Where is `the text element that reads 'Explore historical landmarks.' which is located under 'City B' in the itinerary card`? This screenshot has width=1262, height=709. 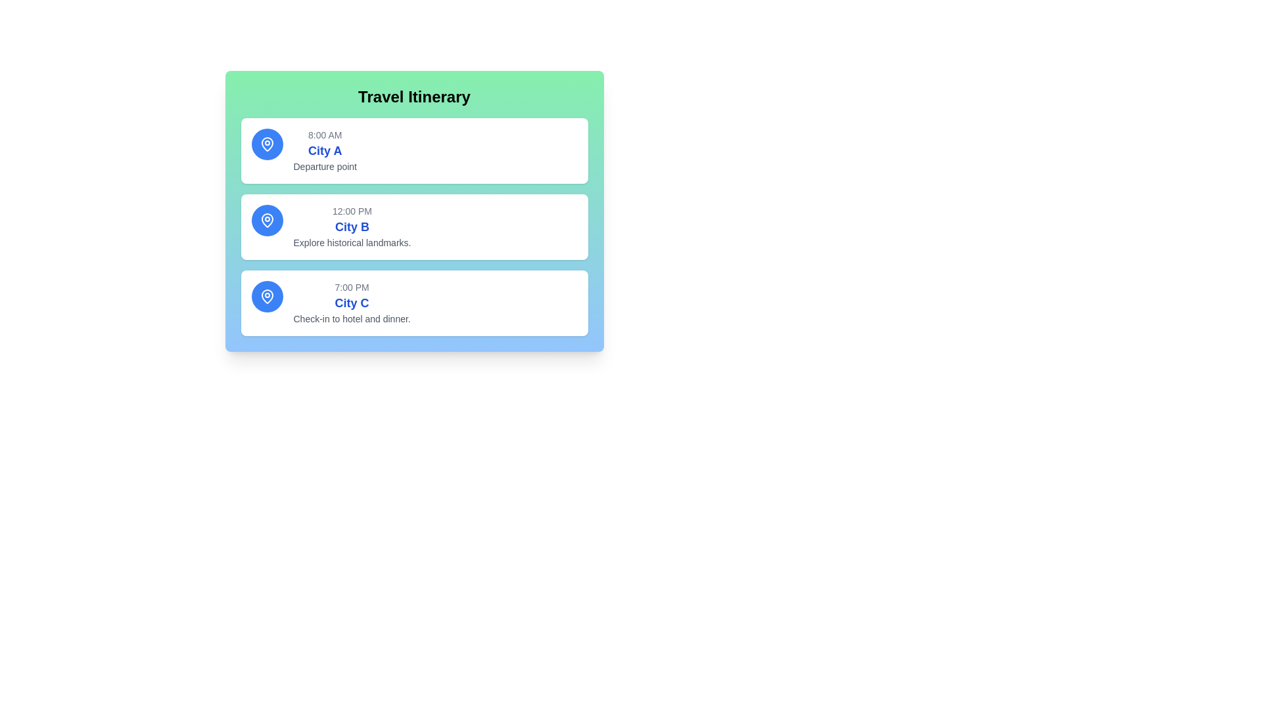 the text element that reads 'Explore historical landmarks.' which is located under 'City B' in the itinerary card is located at coordinates (352, 243).